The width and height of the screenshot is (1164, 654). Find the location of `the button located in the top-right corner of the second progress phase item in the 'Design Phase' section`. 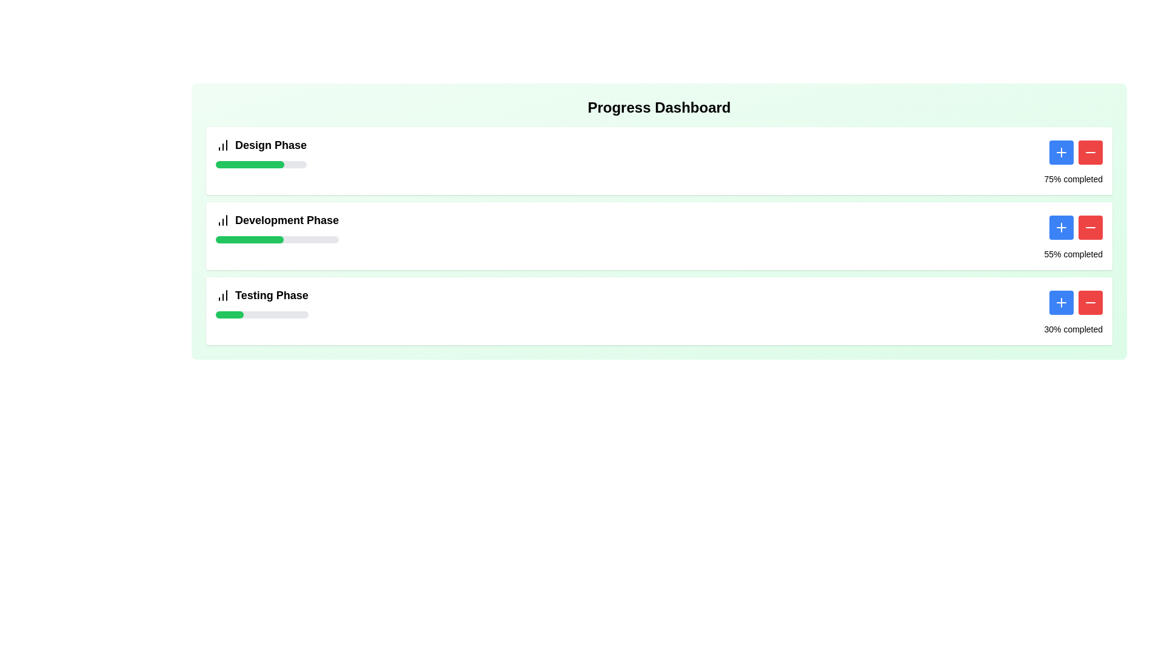

the button located in the top-right corner of the second progress phase item in the 'Design Phase' section is located at coordinates (1061, 302).